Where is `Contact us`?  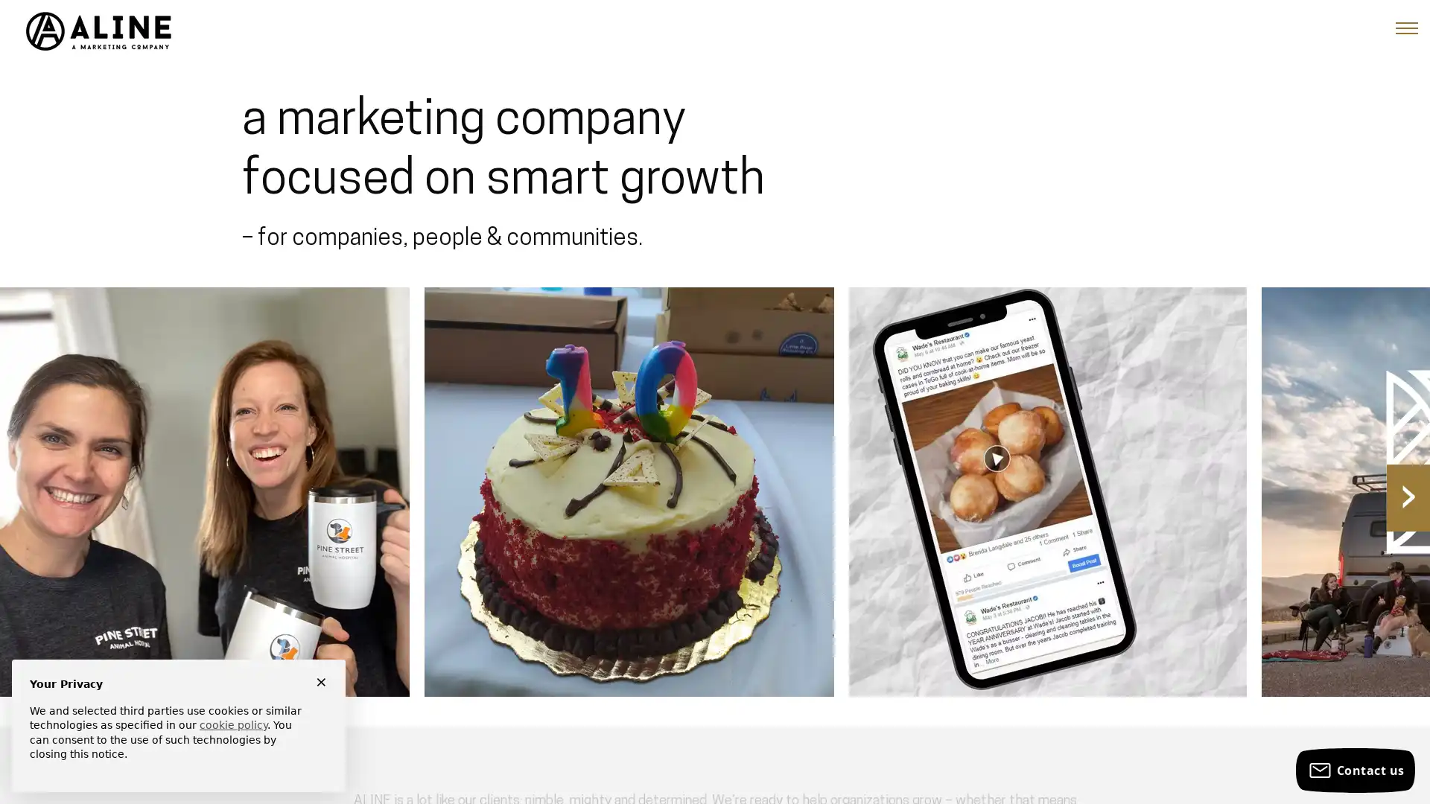
Contact us is located at coordinates (1355, 770).